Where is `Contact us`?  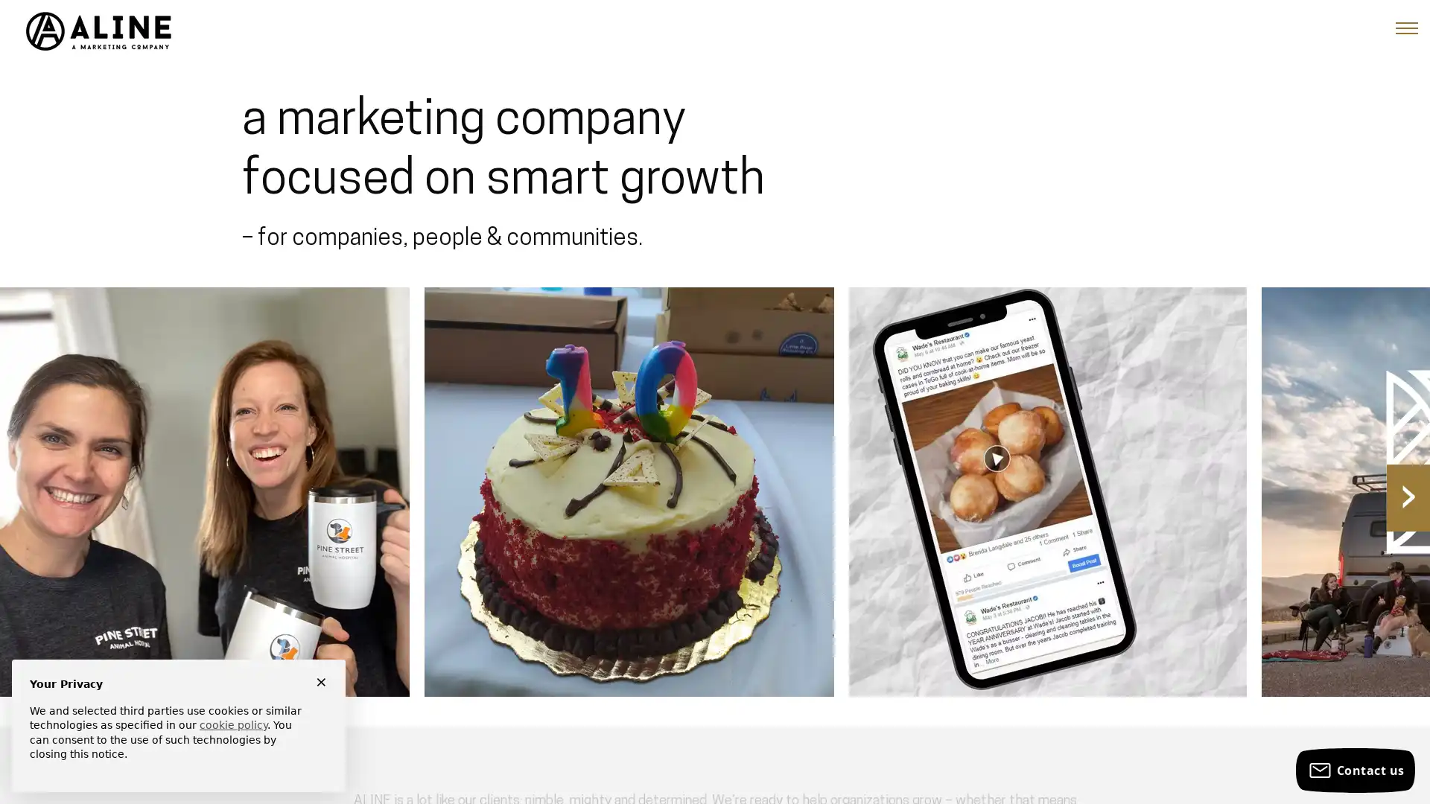
Contact us is located at coordinates (1355, 770).